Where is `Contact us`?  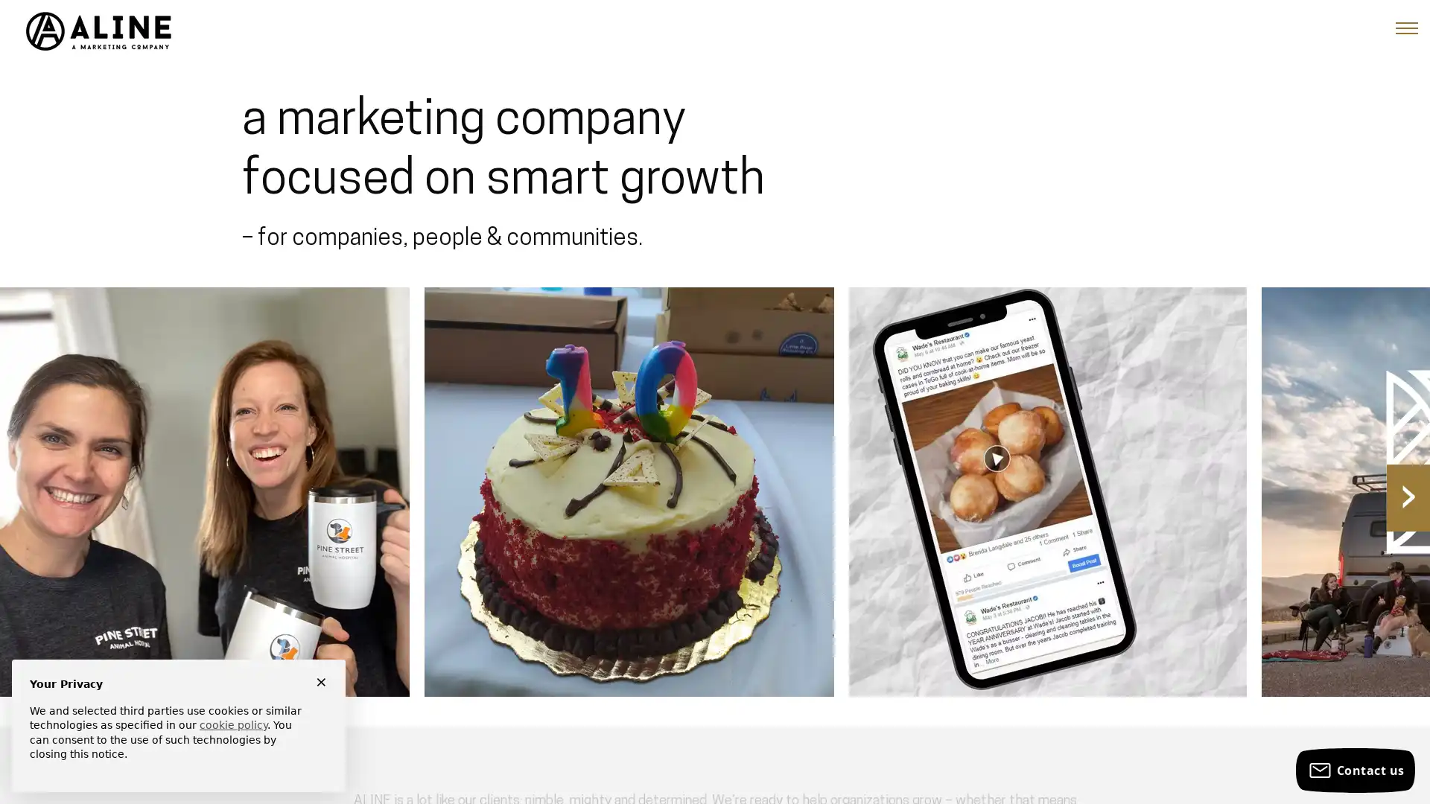
Contact us is located at coordinates (1355, 770).